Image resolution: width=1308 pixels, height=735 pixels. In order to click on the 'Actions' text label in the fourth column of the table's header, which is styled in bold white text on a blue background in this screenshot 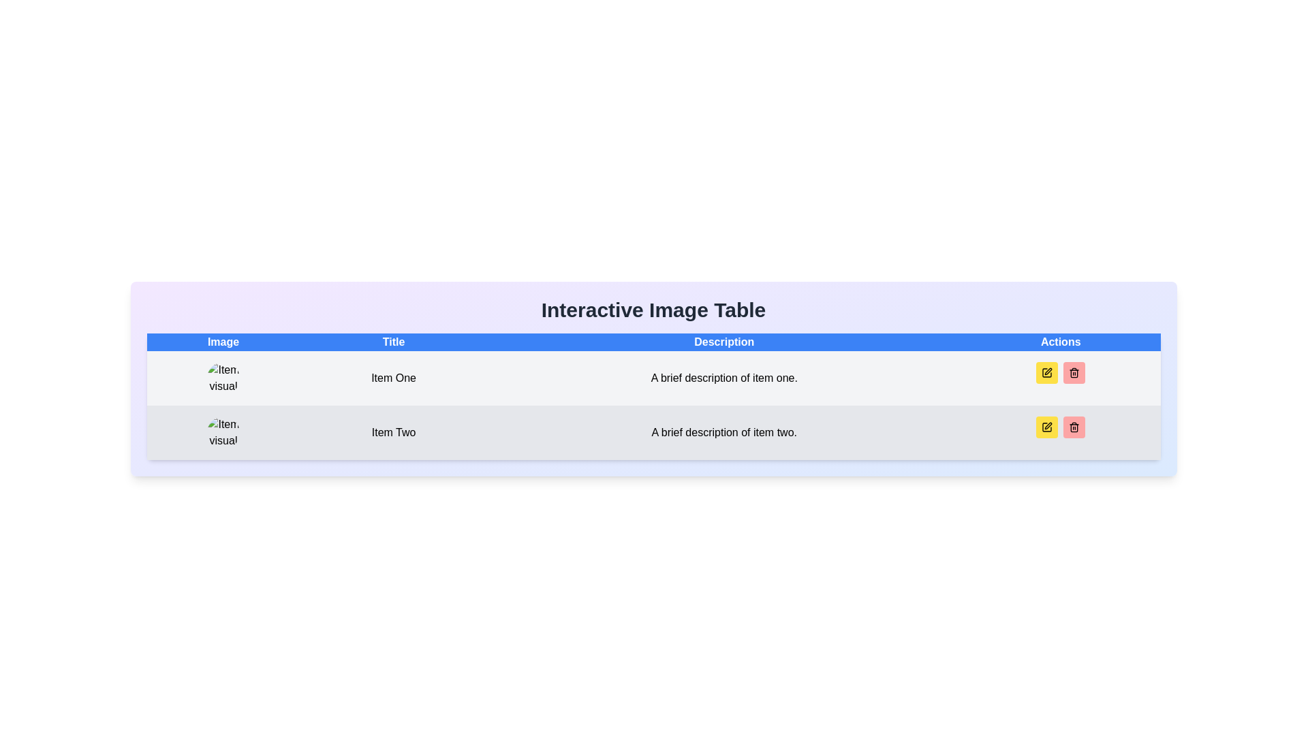, I will do `click(1060, 341)`.